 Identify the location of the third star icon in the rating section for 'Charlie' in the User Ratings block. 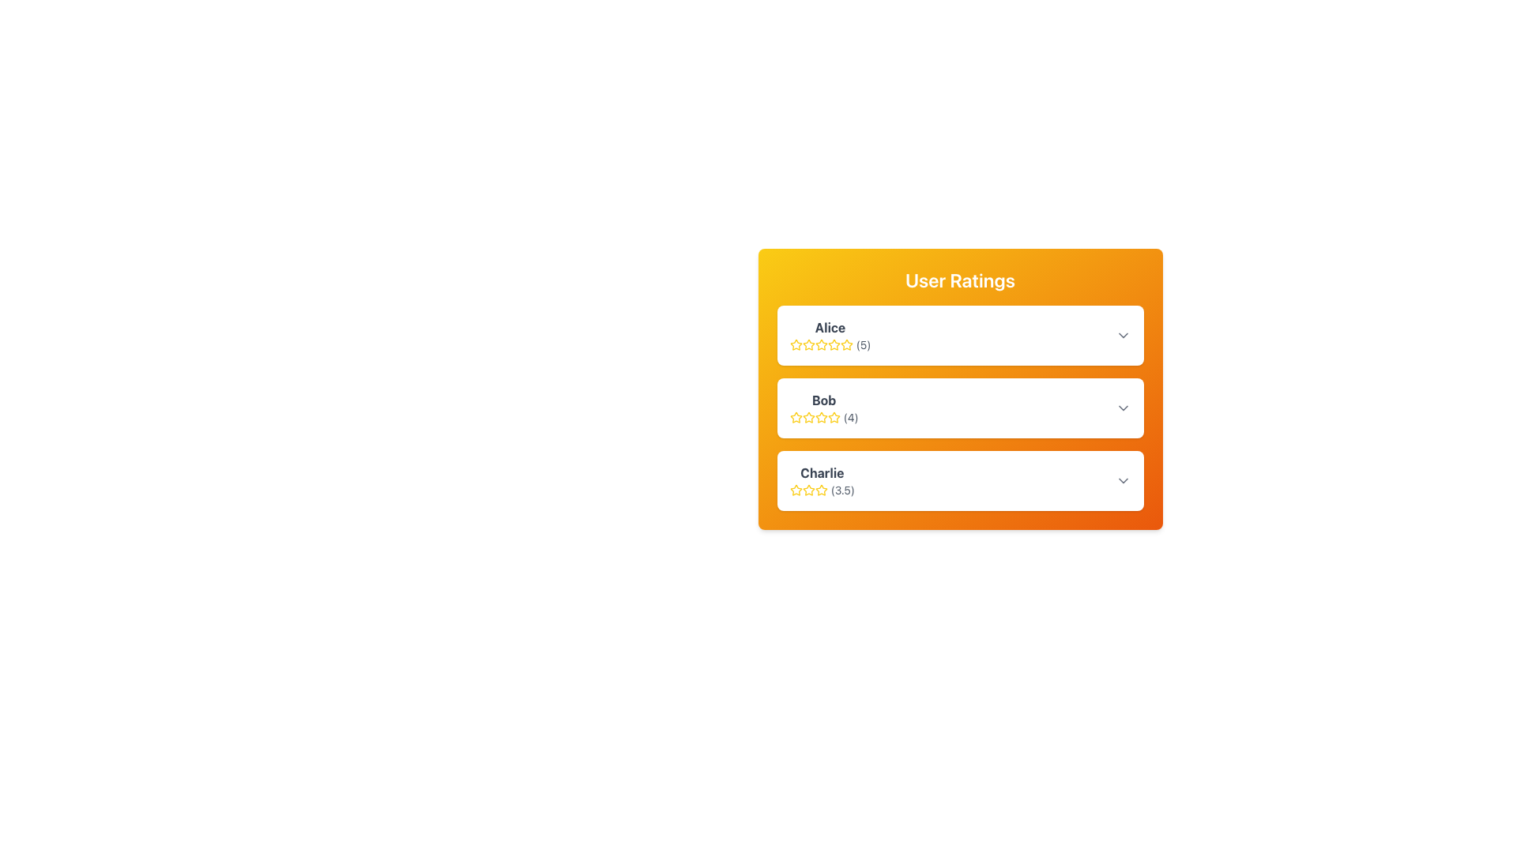
(808, 490).